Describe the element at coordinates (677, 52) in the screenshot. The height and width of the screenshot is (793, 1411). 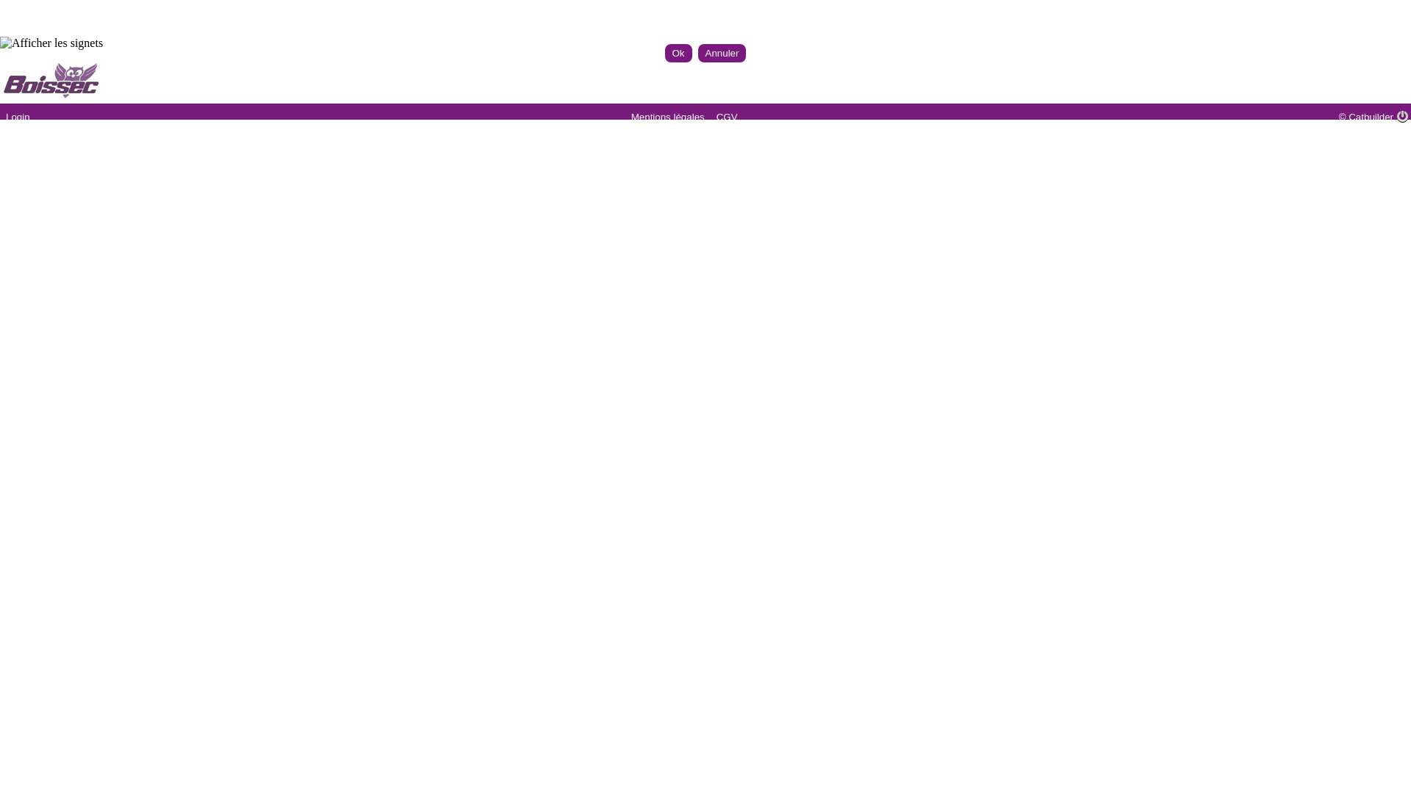
I see `'Ok'` at that location.